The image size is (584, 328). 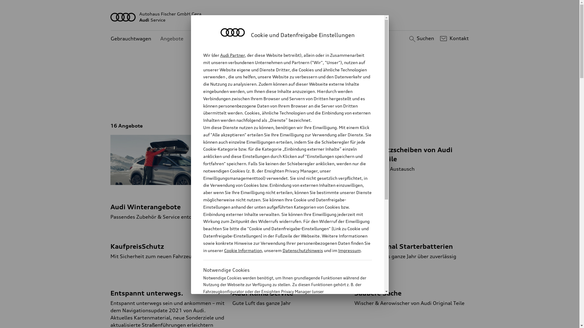 What do you see at coordinates (412, 292) in the screenshot?
I see `'Saubere Sache` at bounding box center [412, 292].